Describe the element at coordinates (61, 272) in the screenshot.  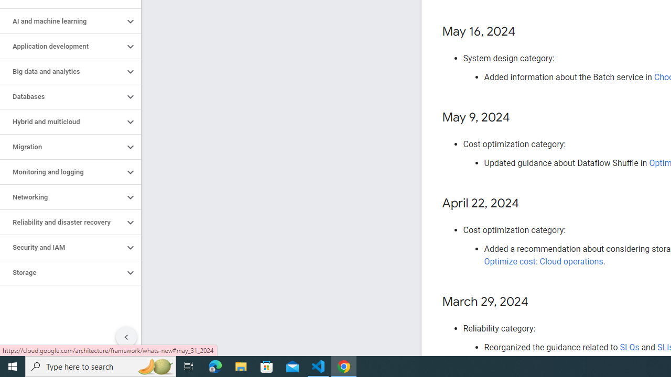
I see `'Storage'` at that location.